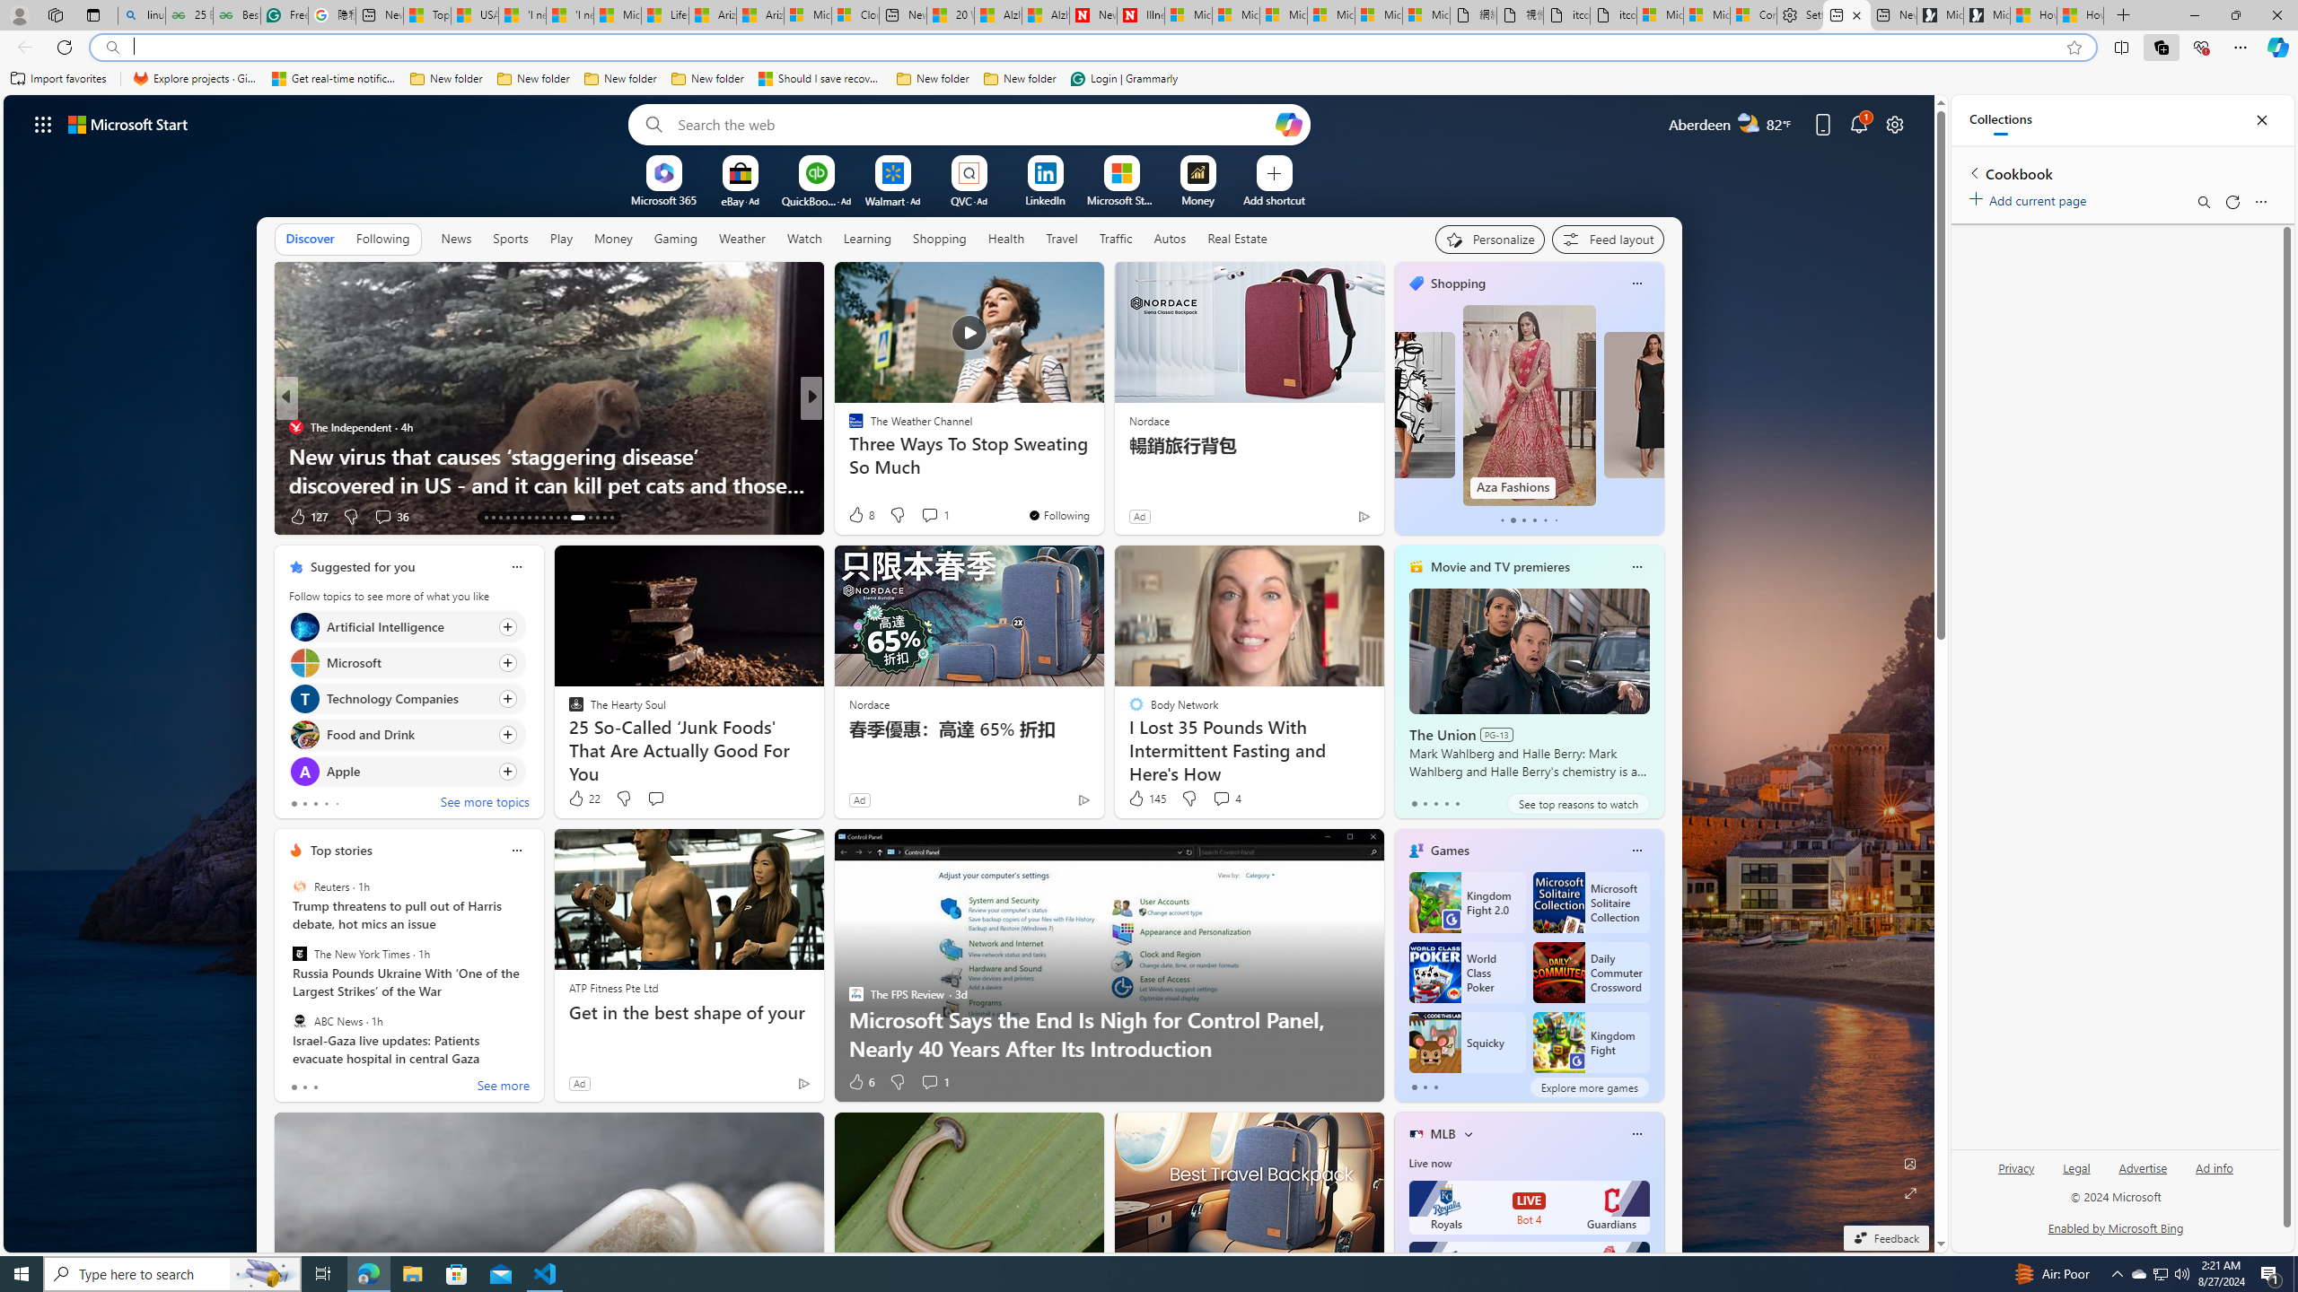  Describe the element at coordinates (848, 454) in the screenshot. I see `'Cheapism'` at that location.